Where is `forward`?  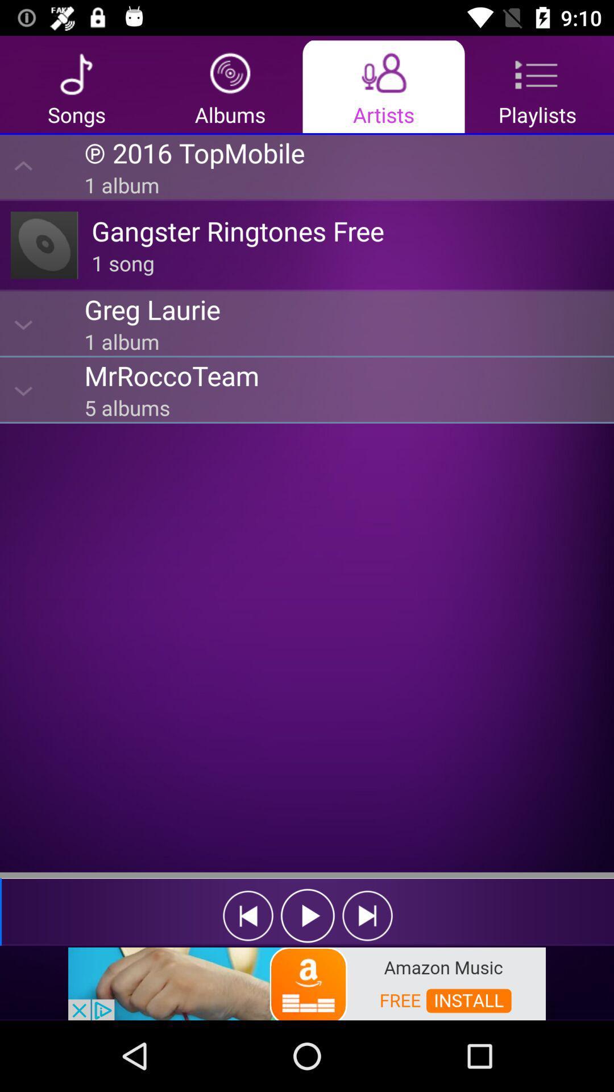 forward is located at coordinates (367, 916).